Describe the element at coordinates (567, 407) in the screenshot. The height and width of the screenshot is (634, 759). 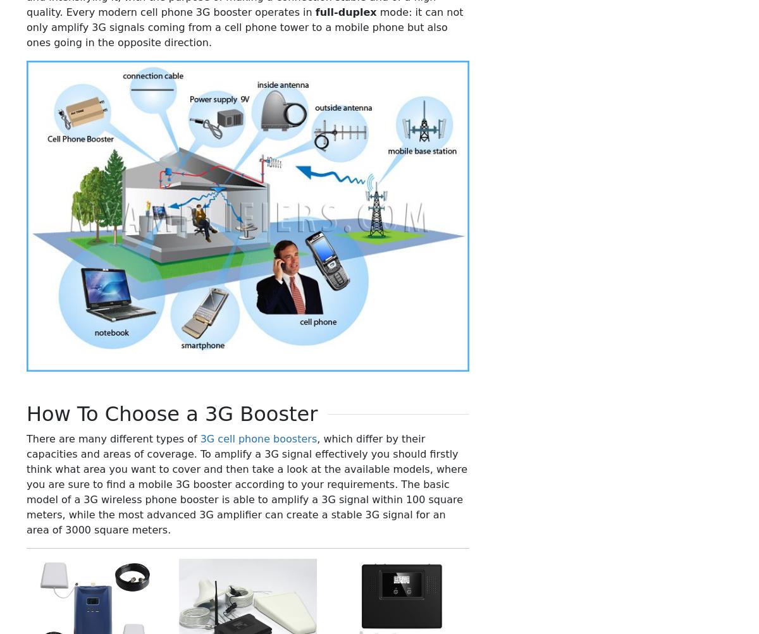
I see `'Articles'` at that location.